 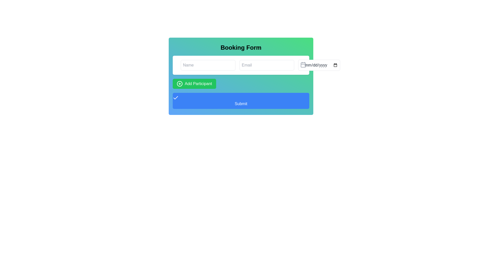 What do you see at coordinates (179, 84) in the screenshot?
I see `the SVG circle with a green background, located at the center of the 'Add Participant' button, positioned below the 'Name' and 'Email' input fields, and above the blue 'Submit' button` at bounding box center [179, 84].